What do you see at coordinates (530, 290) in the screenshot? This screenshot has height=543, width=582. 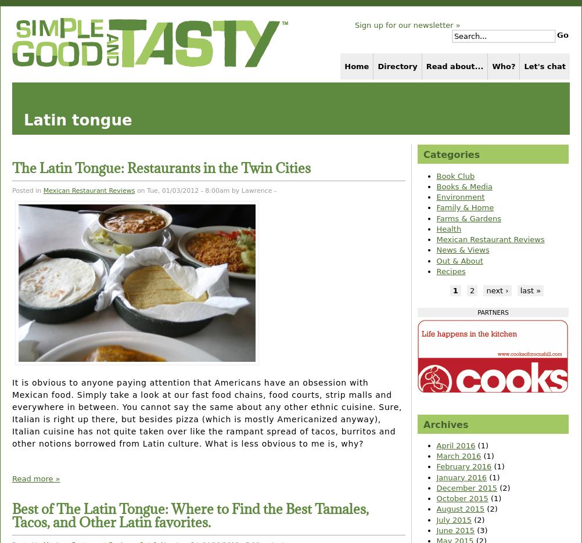 I see `'last »'` at bounding box center [530, 290].